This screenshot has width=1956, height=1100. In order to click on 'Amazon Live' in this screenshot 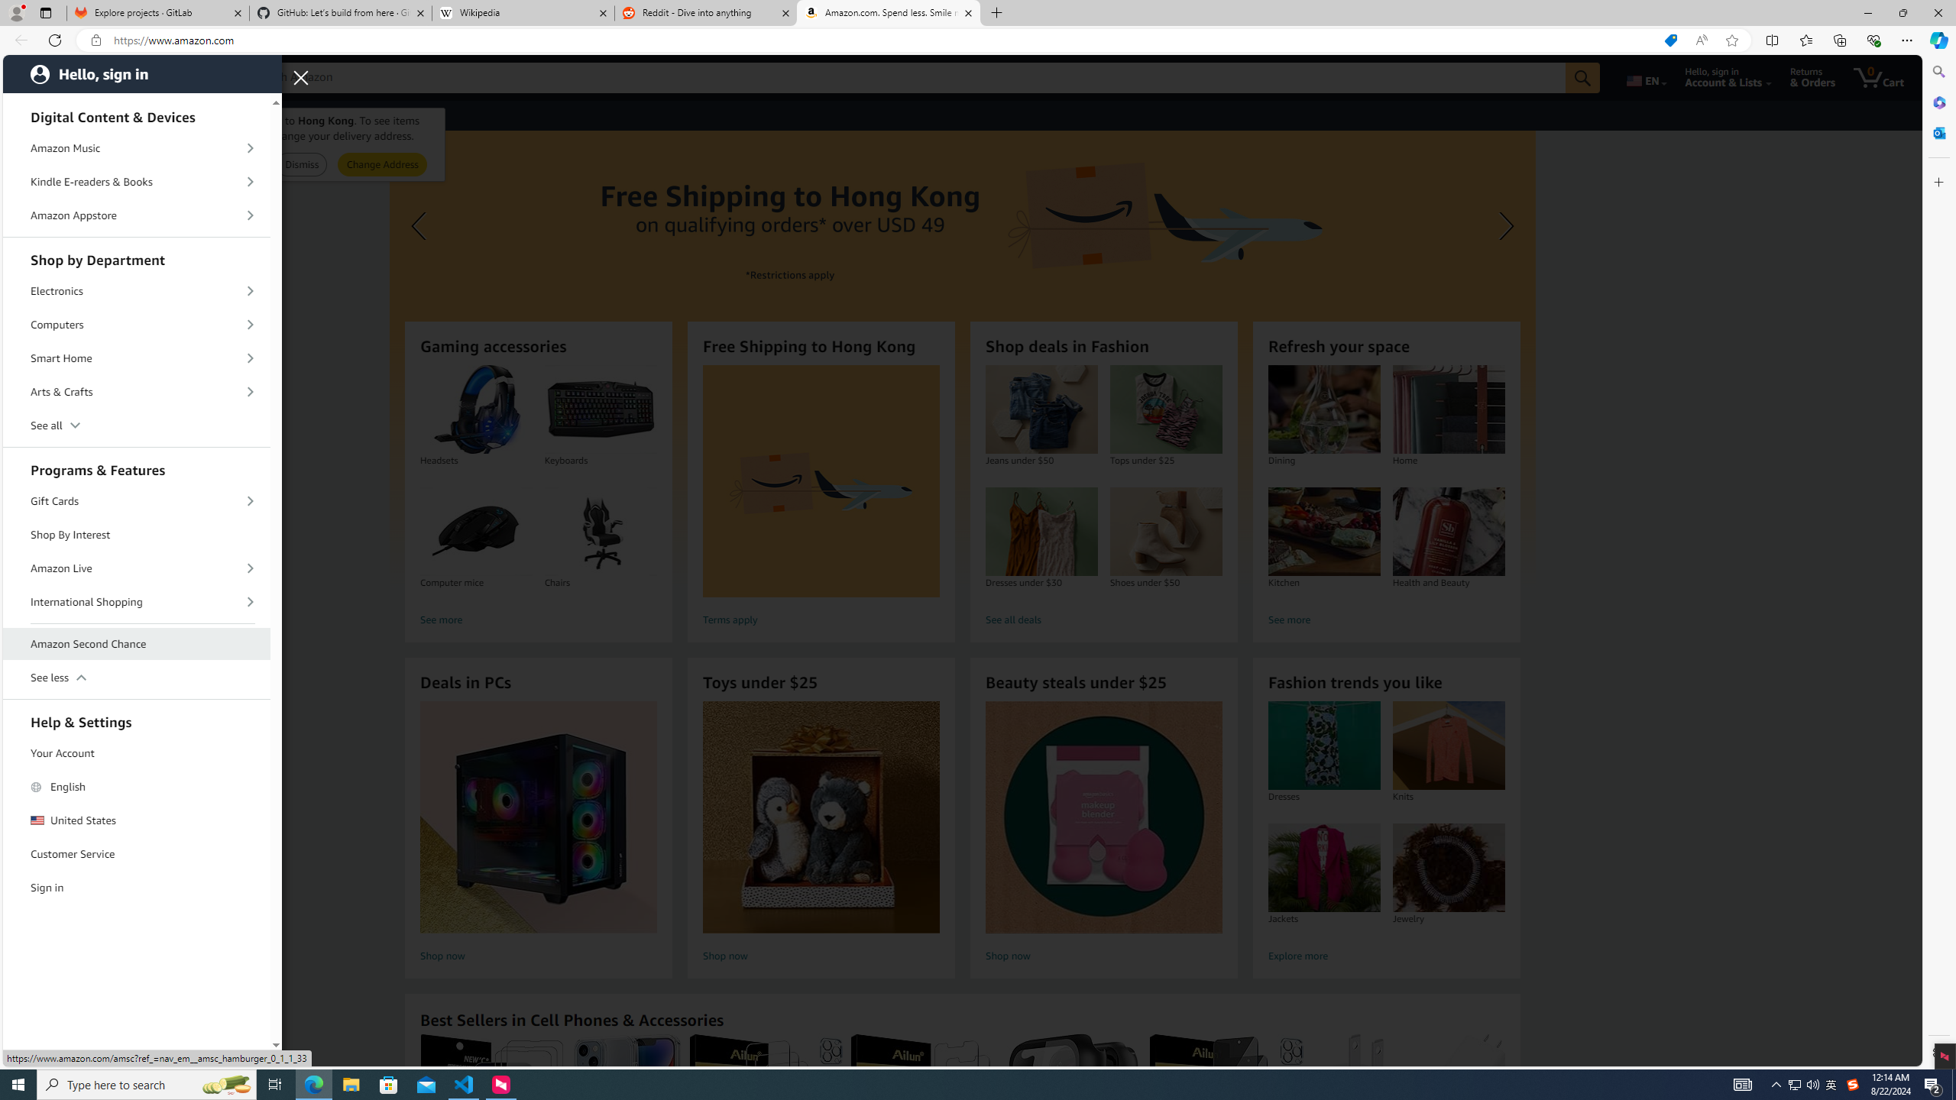, I will do `click(137, 567)`.